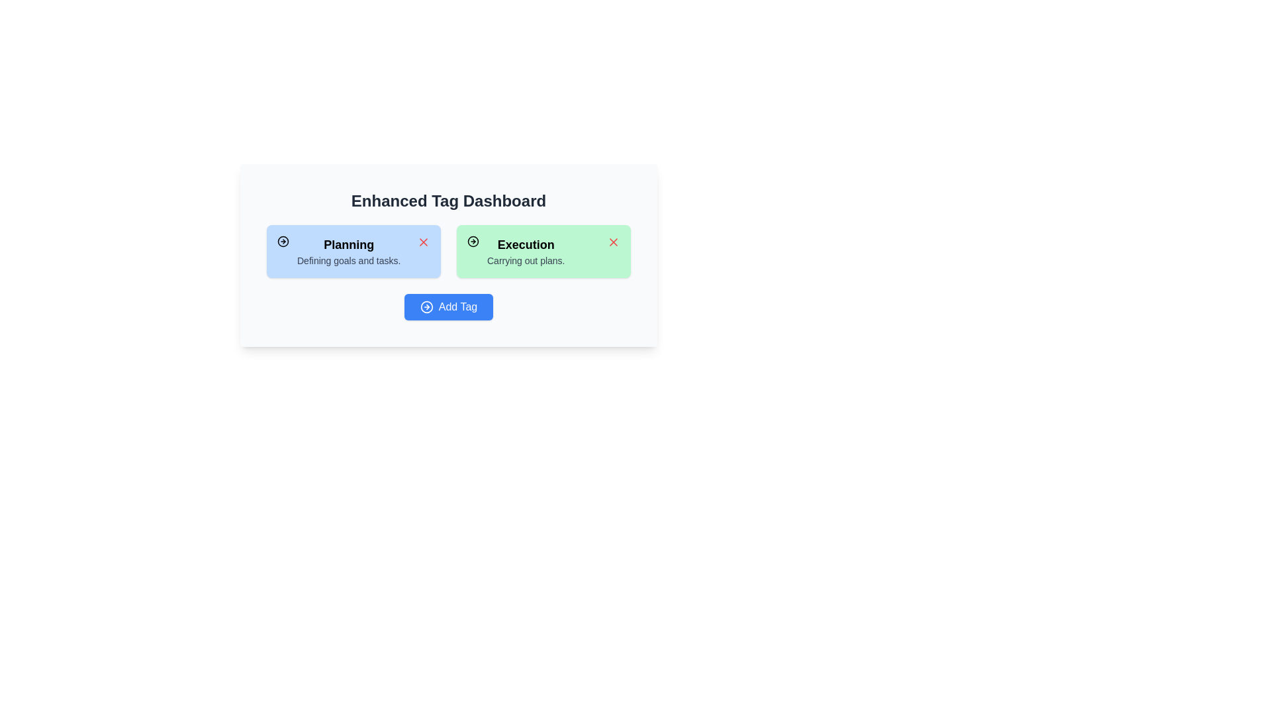  What do you see at coordinates (448, 252) in the screenshot?
I see `the grid component containing 'Planning' and 'Execution' sections for reordering` at bounding box center [448, 252].